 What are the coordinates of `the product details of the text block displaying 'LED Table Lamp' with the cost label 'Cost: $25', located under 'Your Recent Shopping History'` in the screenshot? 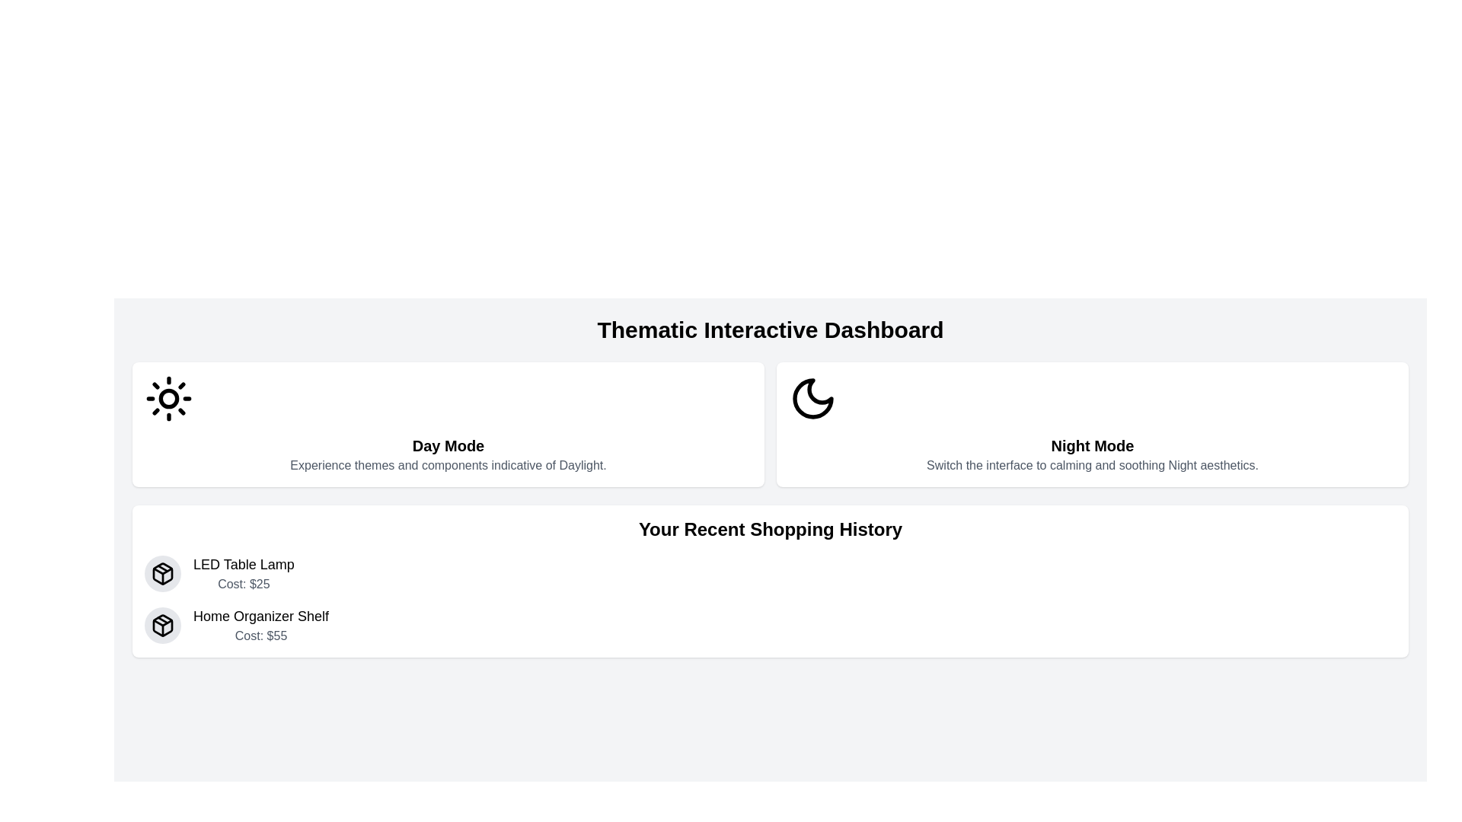 It's located at (244, 573).